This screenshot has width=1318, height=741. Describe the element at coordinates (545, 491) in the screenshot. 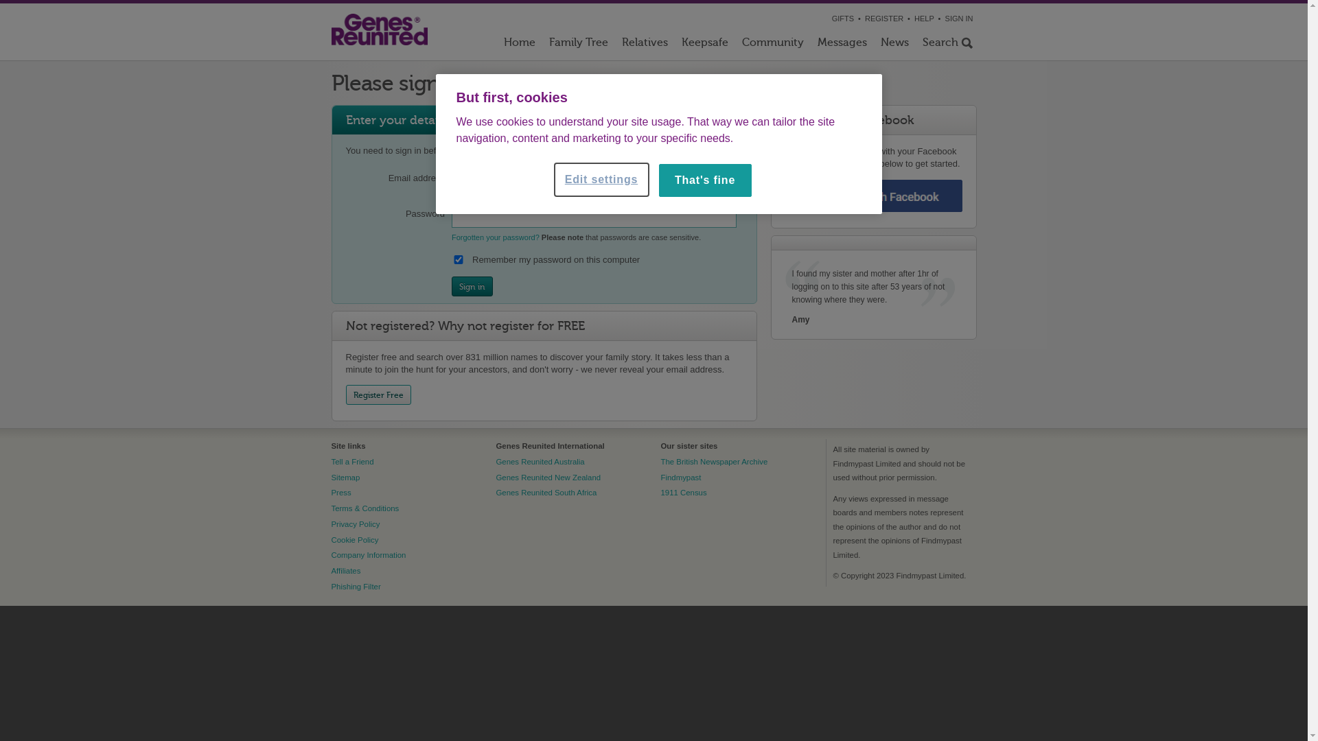

I see `'Genes Reunited South Africa'` at that location.